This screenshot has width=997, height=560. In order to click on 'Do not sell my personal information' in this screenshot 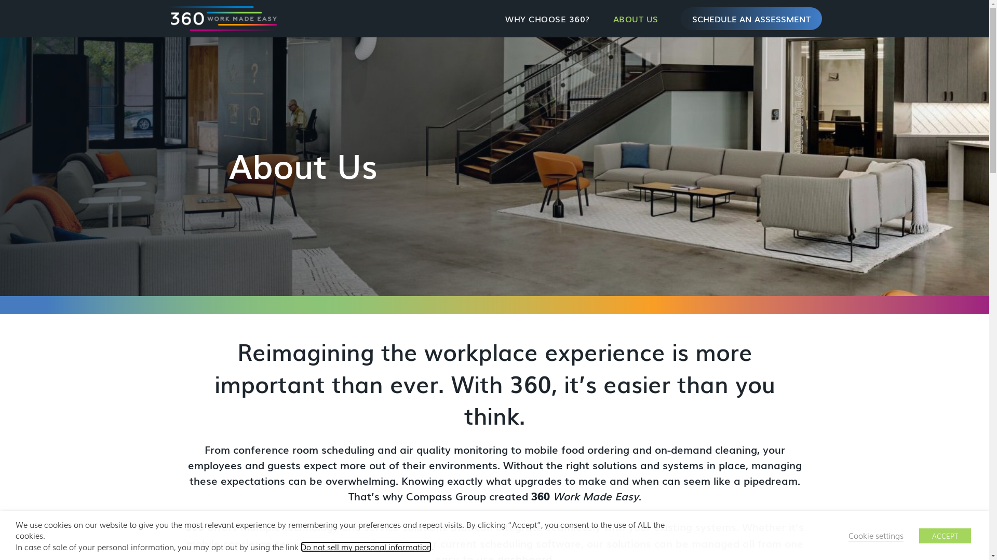, I will do `click(366, 546)`.